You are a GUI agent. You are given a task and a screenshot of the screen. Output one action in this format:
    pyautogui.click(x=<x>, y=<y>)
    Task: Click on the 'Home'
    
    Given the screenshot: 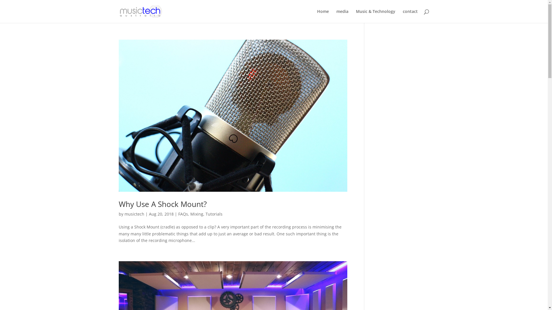 What is the action you would take?
    pyautogui.click(x=323, y=16)
    